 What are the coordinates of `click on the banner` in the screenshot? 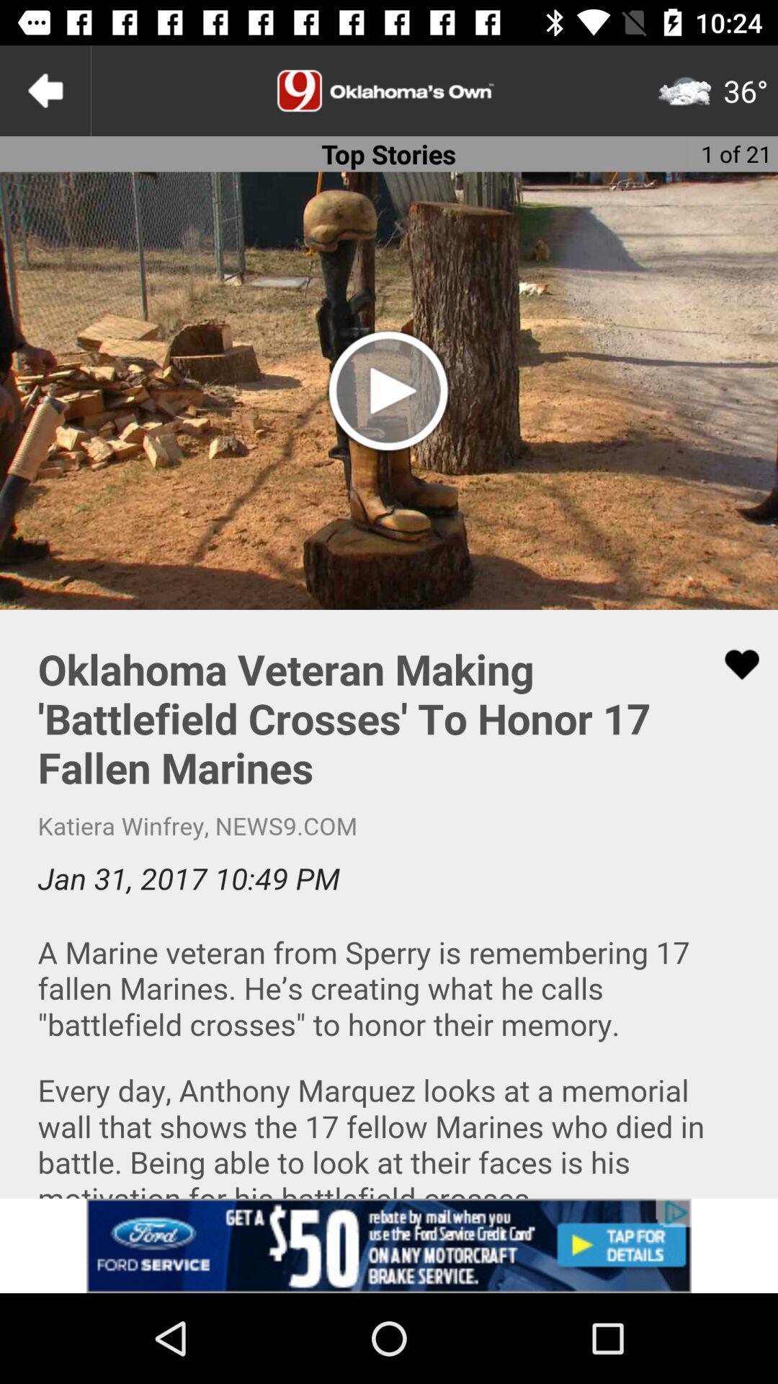 It's located at (389, 1245).